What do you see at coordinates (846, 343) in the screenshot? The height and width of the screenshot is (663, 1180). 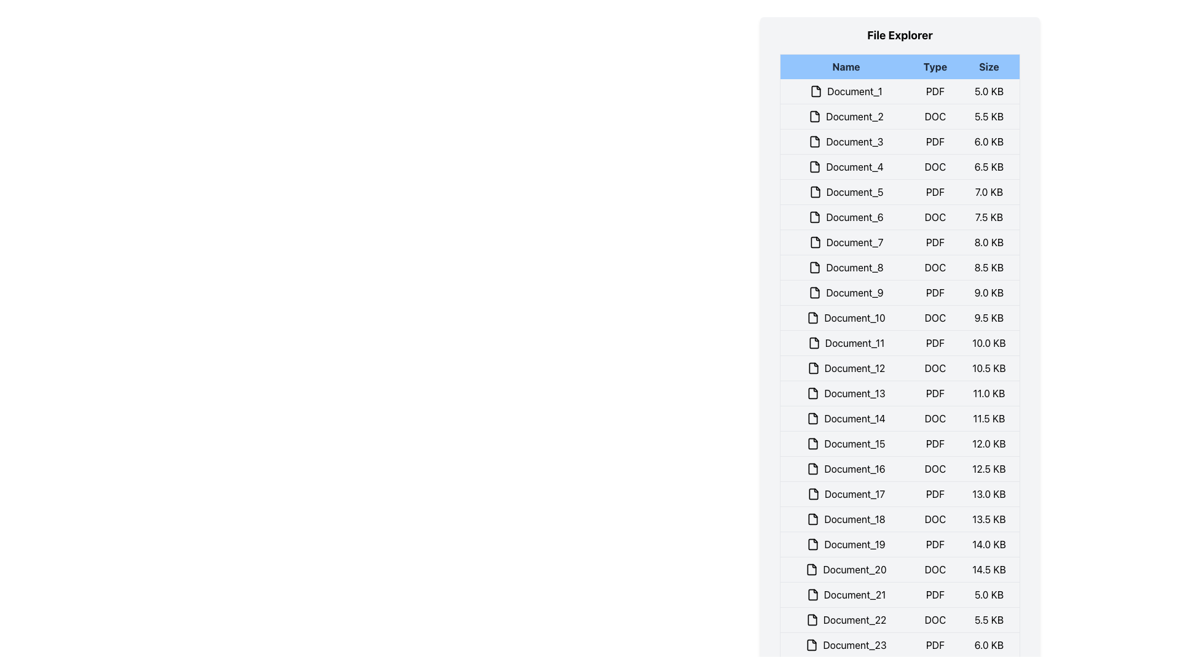 I see `the text label representing the name of the document in the file explorer` at bounding box center [846, 343].